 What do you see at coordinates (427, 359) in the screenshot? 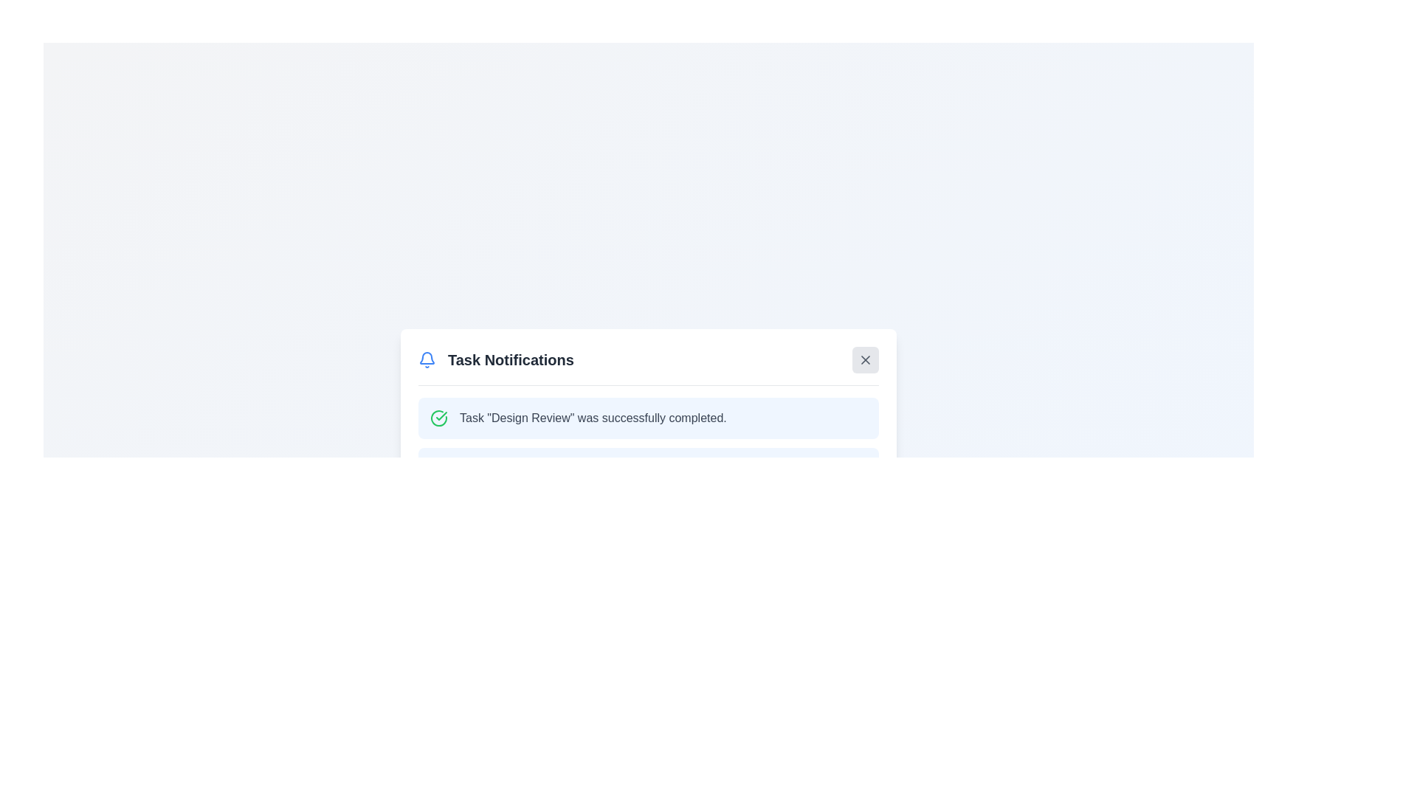
I see `the bell-shaped icon with a blue outline located at the leftmost part of the 'Task Notifications' header` at bounding box center [427, 359].